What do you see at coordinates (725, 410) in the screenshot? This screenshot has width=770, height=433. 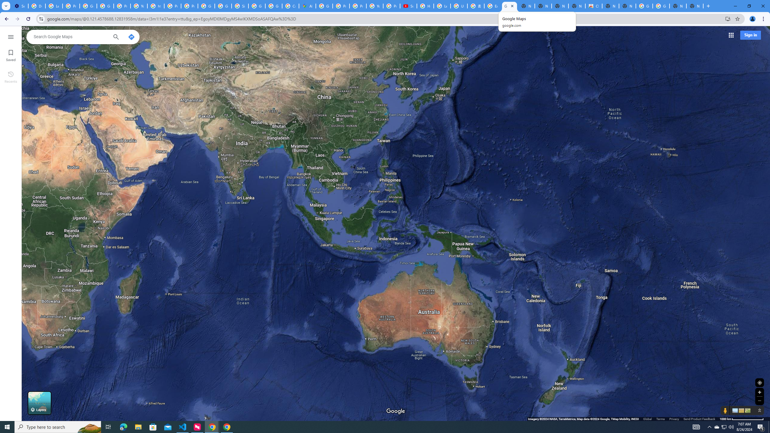 I see `'Show Street View coverage'` at bounding box center [725, 410].